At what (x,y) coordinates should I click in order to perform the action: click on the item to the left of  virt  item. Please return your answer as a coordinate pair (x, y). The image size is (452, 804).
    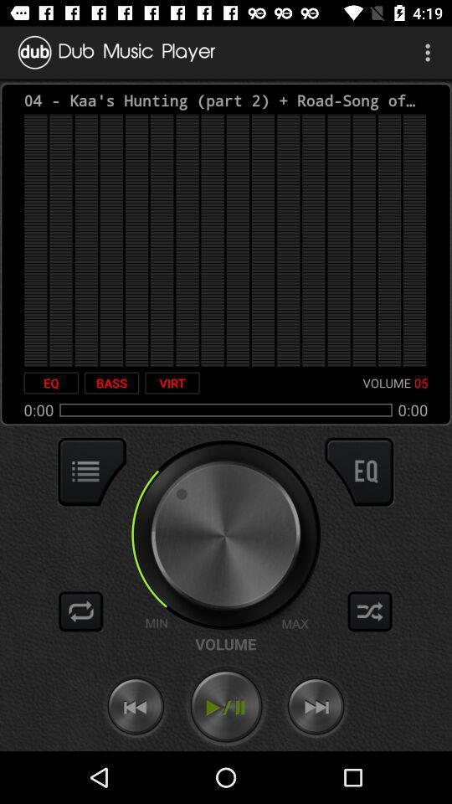
    Looking at the image, I should click on (111, 383).